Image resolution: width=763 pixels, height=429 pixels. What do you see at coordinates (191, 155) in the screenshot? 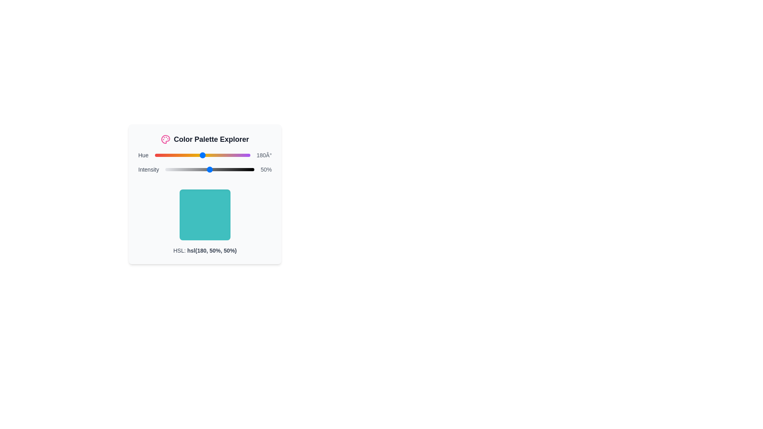
I see `the hue slider to set its value to 136` at bounding box center [191, 155].